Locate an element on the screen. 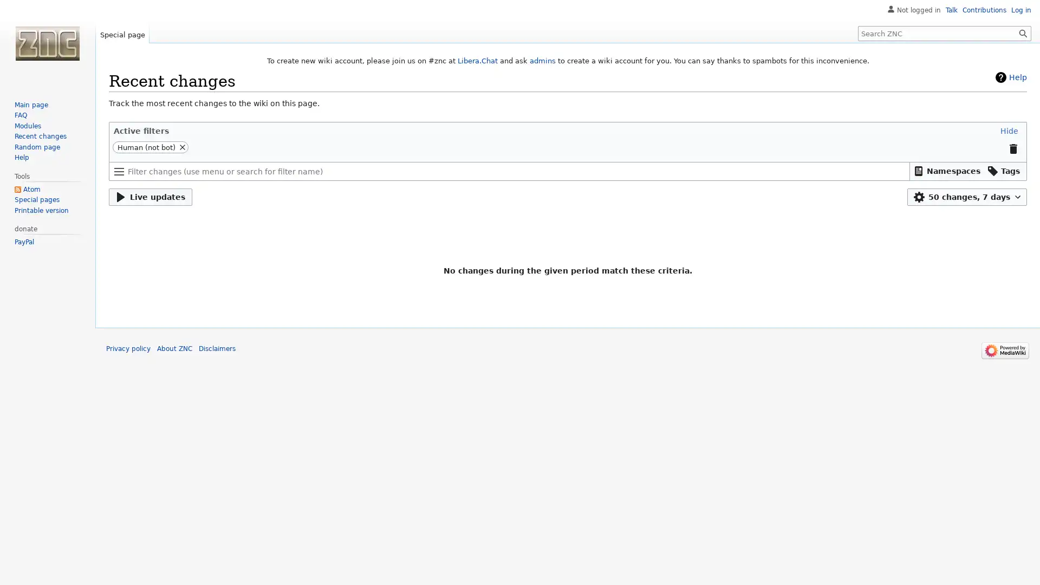  Live updates is located at coordinates (150, 197).